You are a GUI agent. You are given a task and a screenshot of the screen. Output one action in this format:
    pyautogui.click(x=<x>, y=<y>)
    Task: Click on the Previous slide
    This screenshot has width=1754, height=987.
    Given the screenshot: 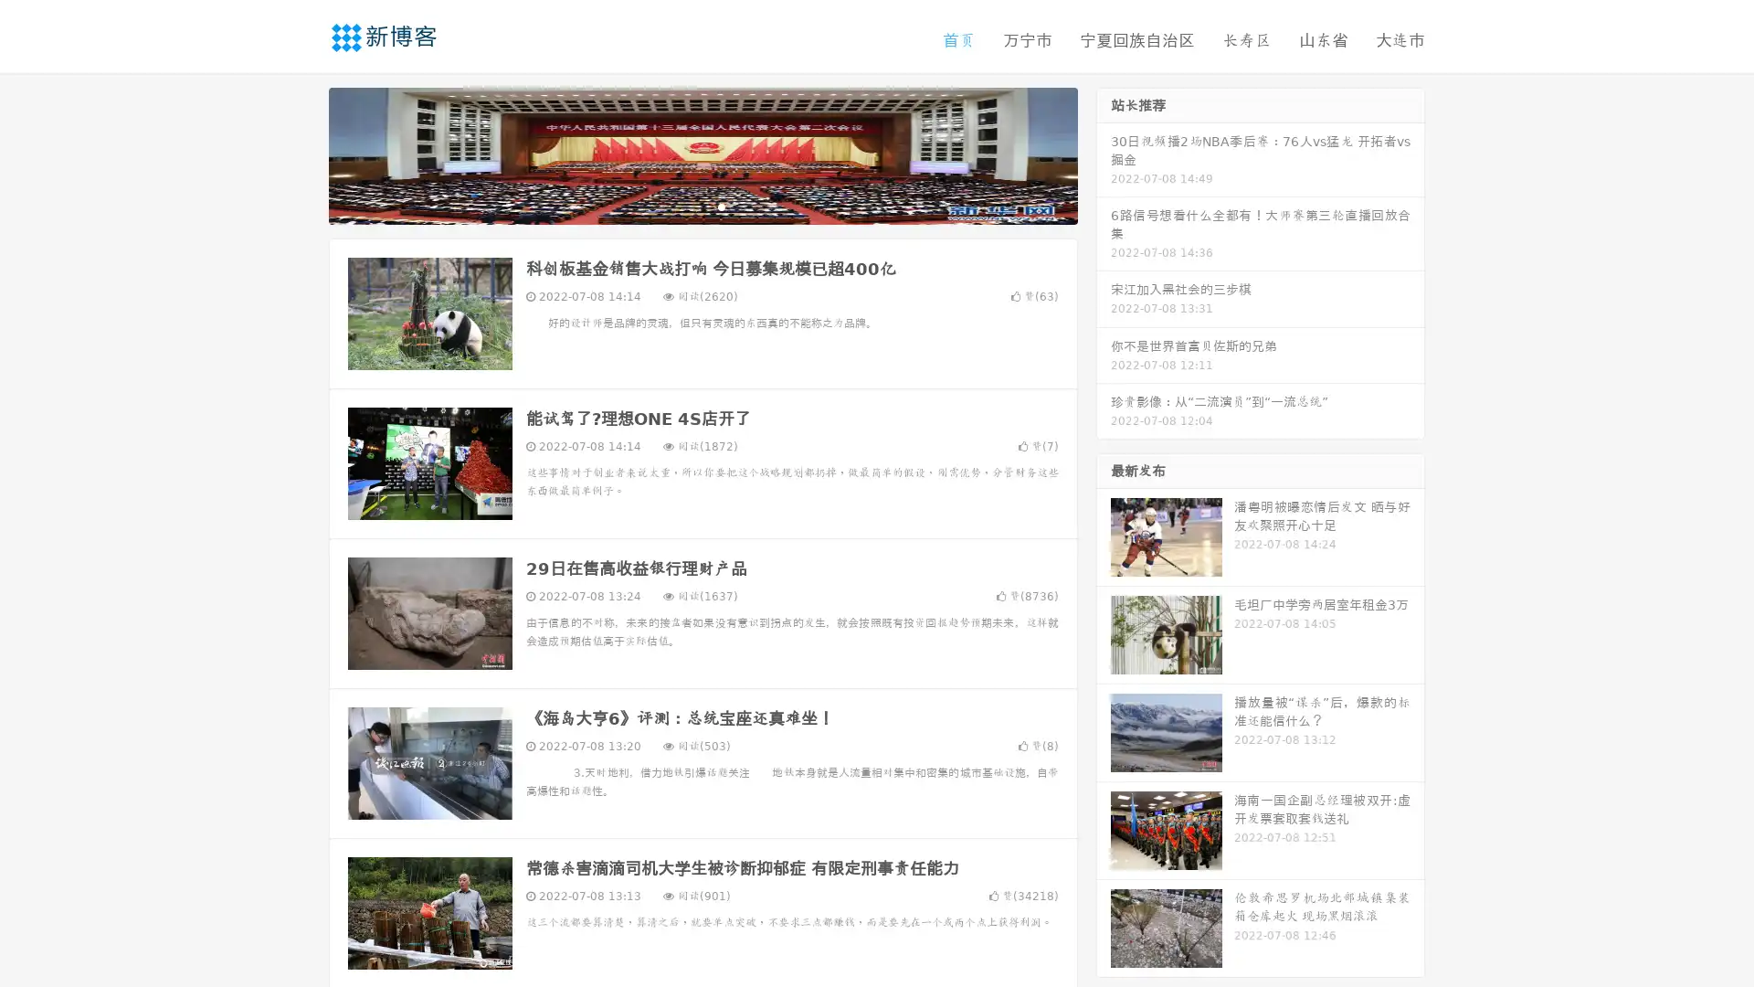 What is the action you would take?
    pyautogui.click(x=301, y=154)
    